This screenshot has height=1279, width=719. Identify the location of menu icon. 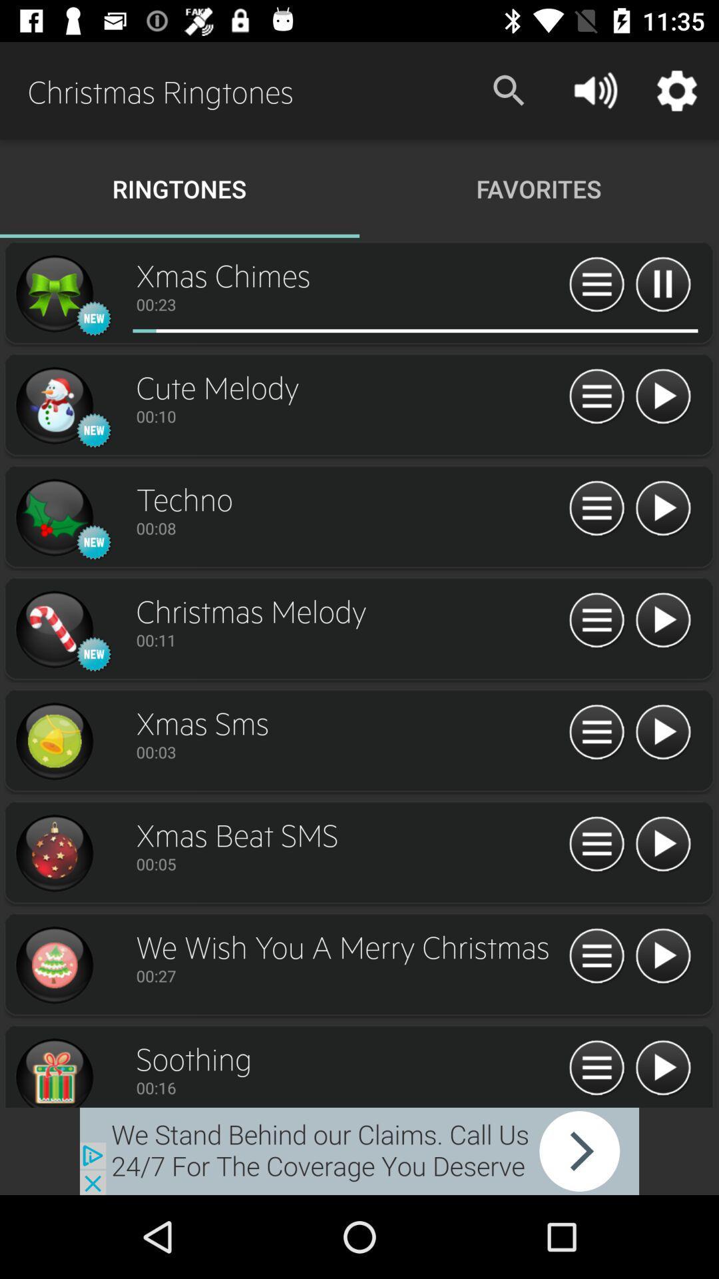
(596, 620).